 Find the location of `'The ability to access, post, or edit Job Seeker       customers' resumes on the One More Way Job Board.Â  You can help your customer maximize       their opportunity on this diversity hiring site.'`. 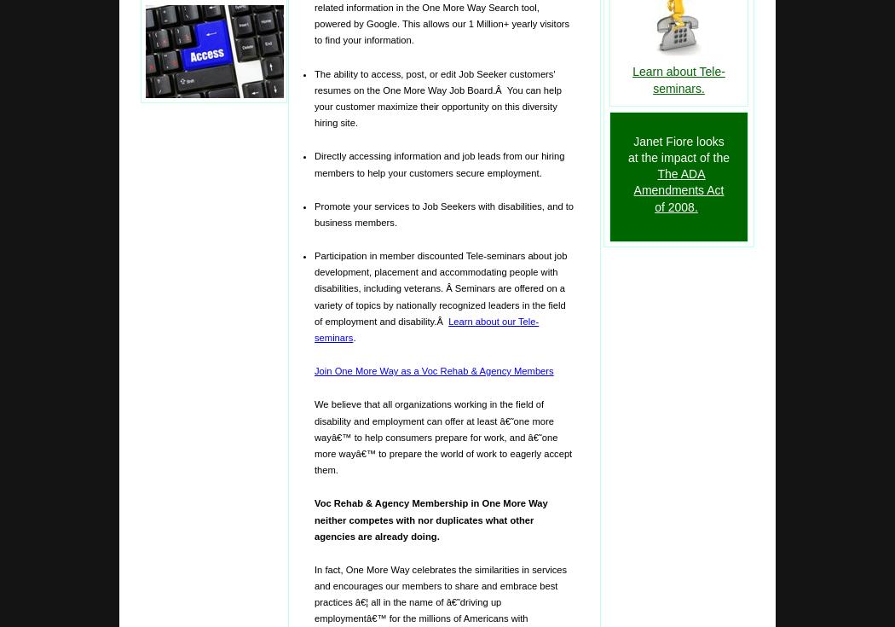

'The ability to access, post, or edit Job Seeker       customers' resumes on the One More Way Job Board.Â  You can help your customer maximize       their opportunity on this diversity hiring site.' is located at coordinates (436, 97).